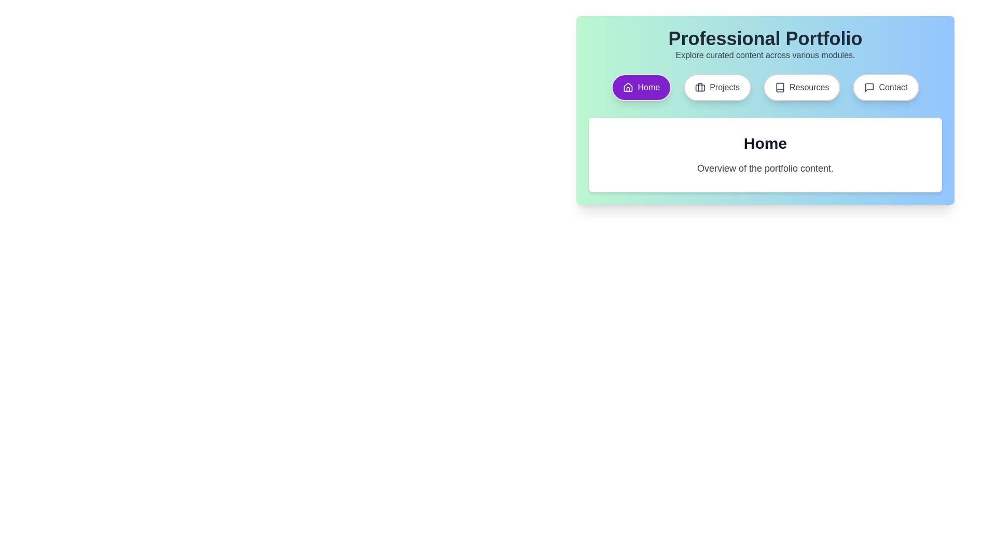 The image size is (996, 560). I want to click on the Home tab to see the hover effect, so click(641, 87).